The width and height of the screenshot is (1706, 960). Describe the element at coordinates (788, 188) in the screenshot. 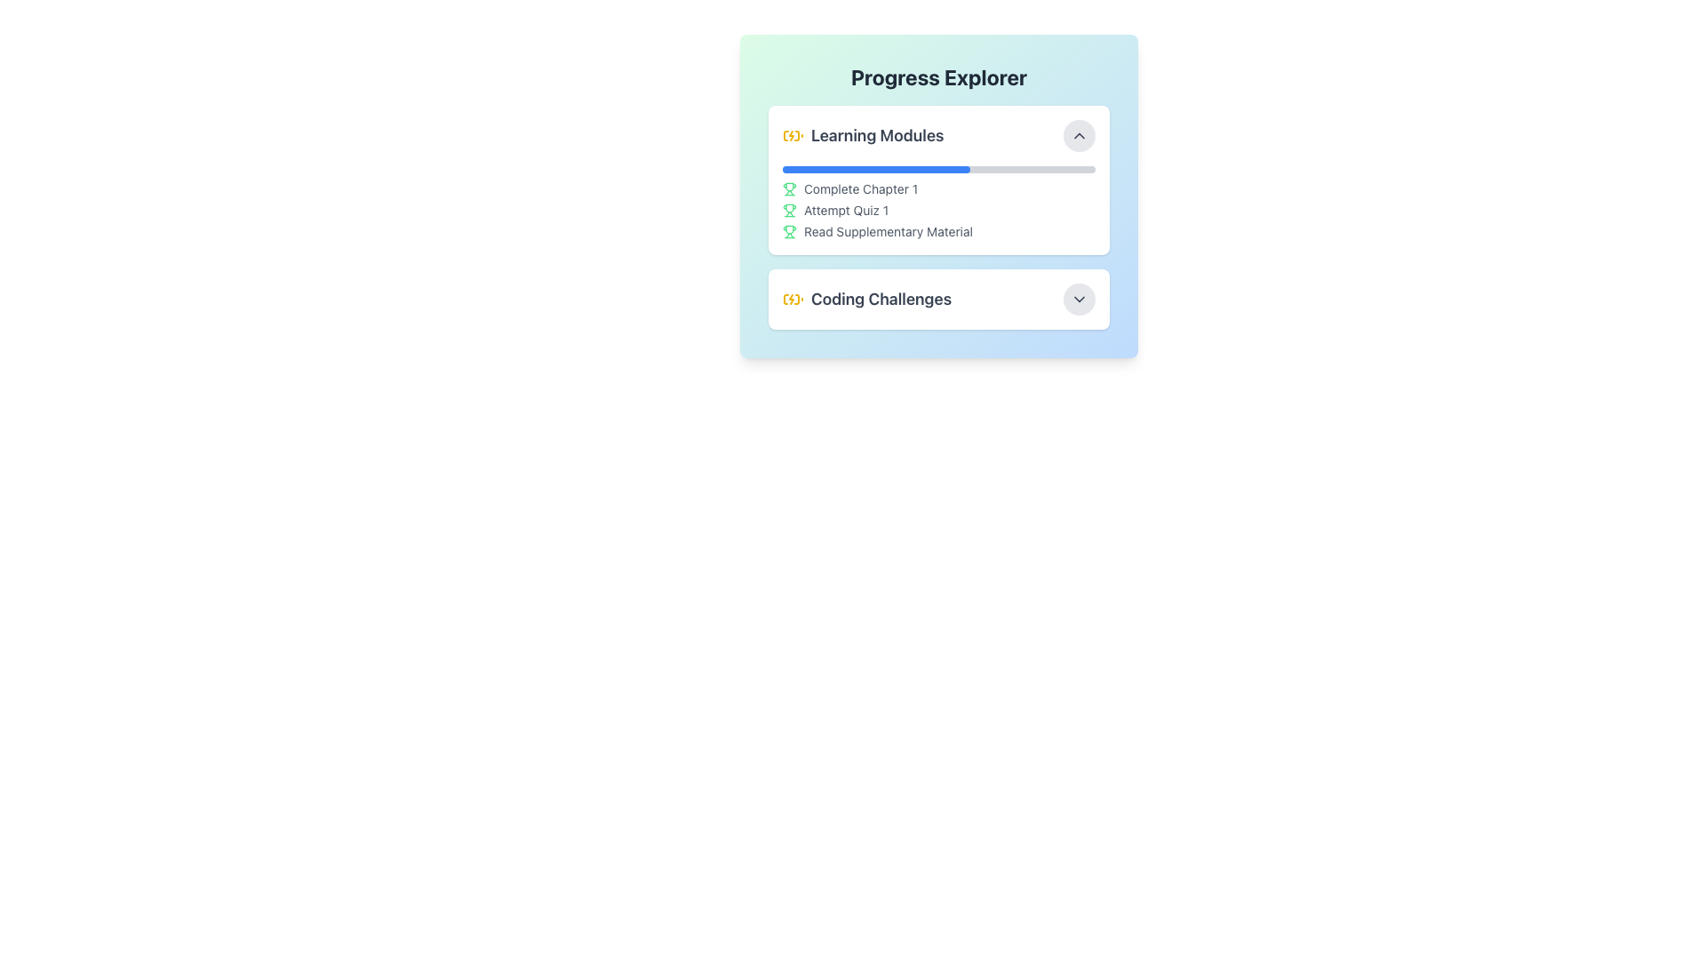

I see `the icon that represents the completed task 'Complete Chapter 1', located to the left of the text within the 'Learning Modules' section` at that location.